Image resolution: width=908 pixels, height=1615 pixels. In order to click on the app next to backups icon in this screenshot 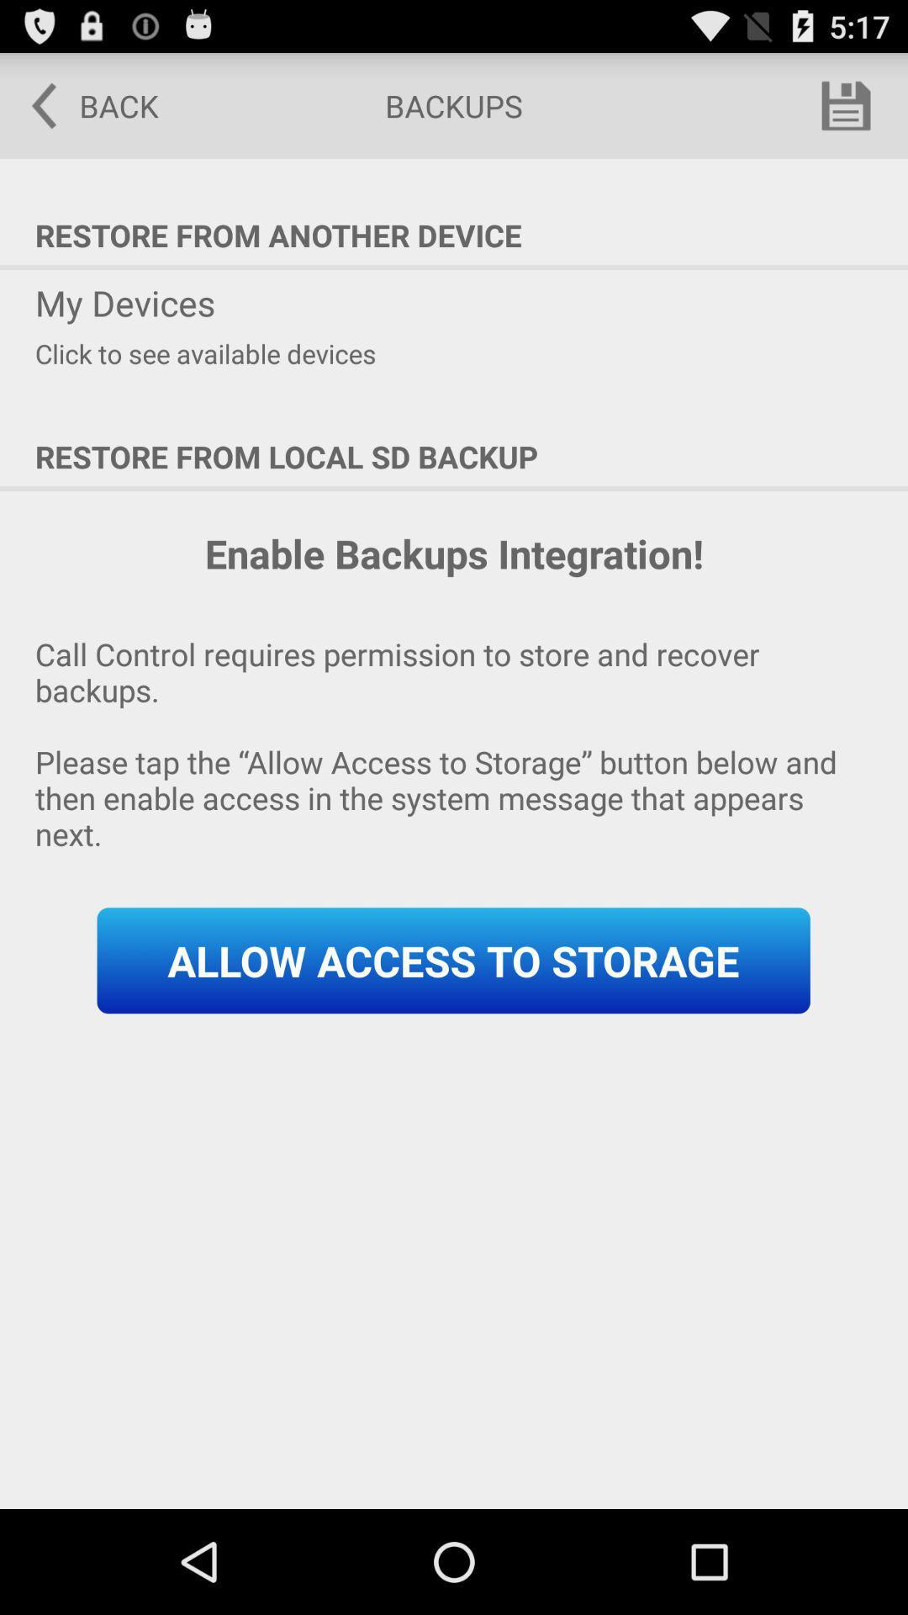, I will do `click(83, 104)`.